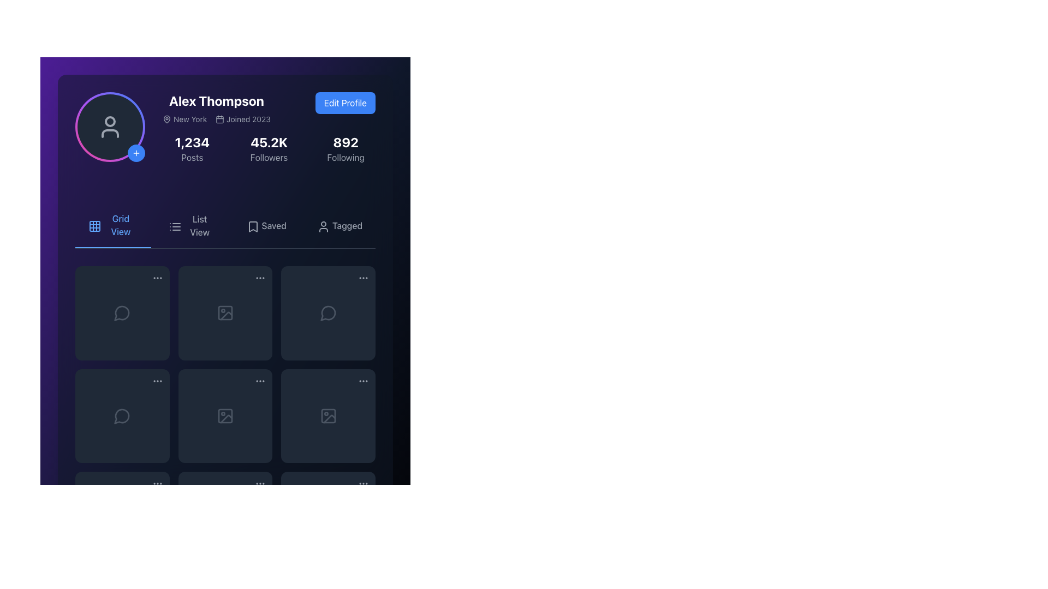  Describe the element at coordinates (339, 225) in the screenshot. I see `the fourth button in the horizontal navigation bar` at that location.